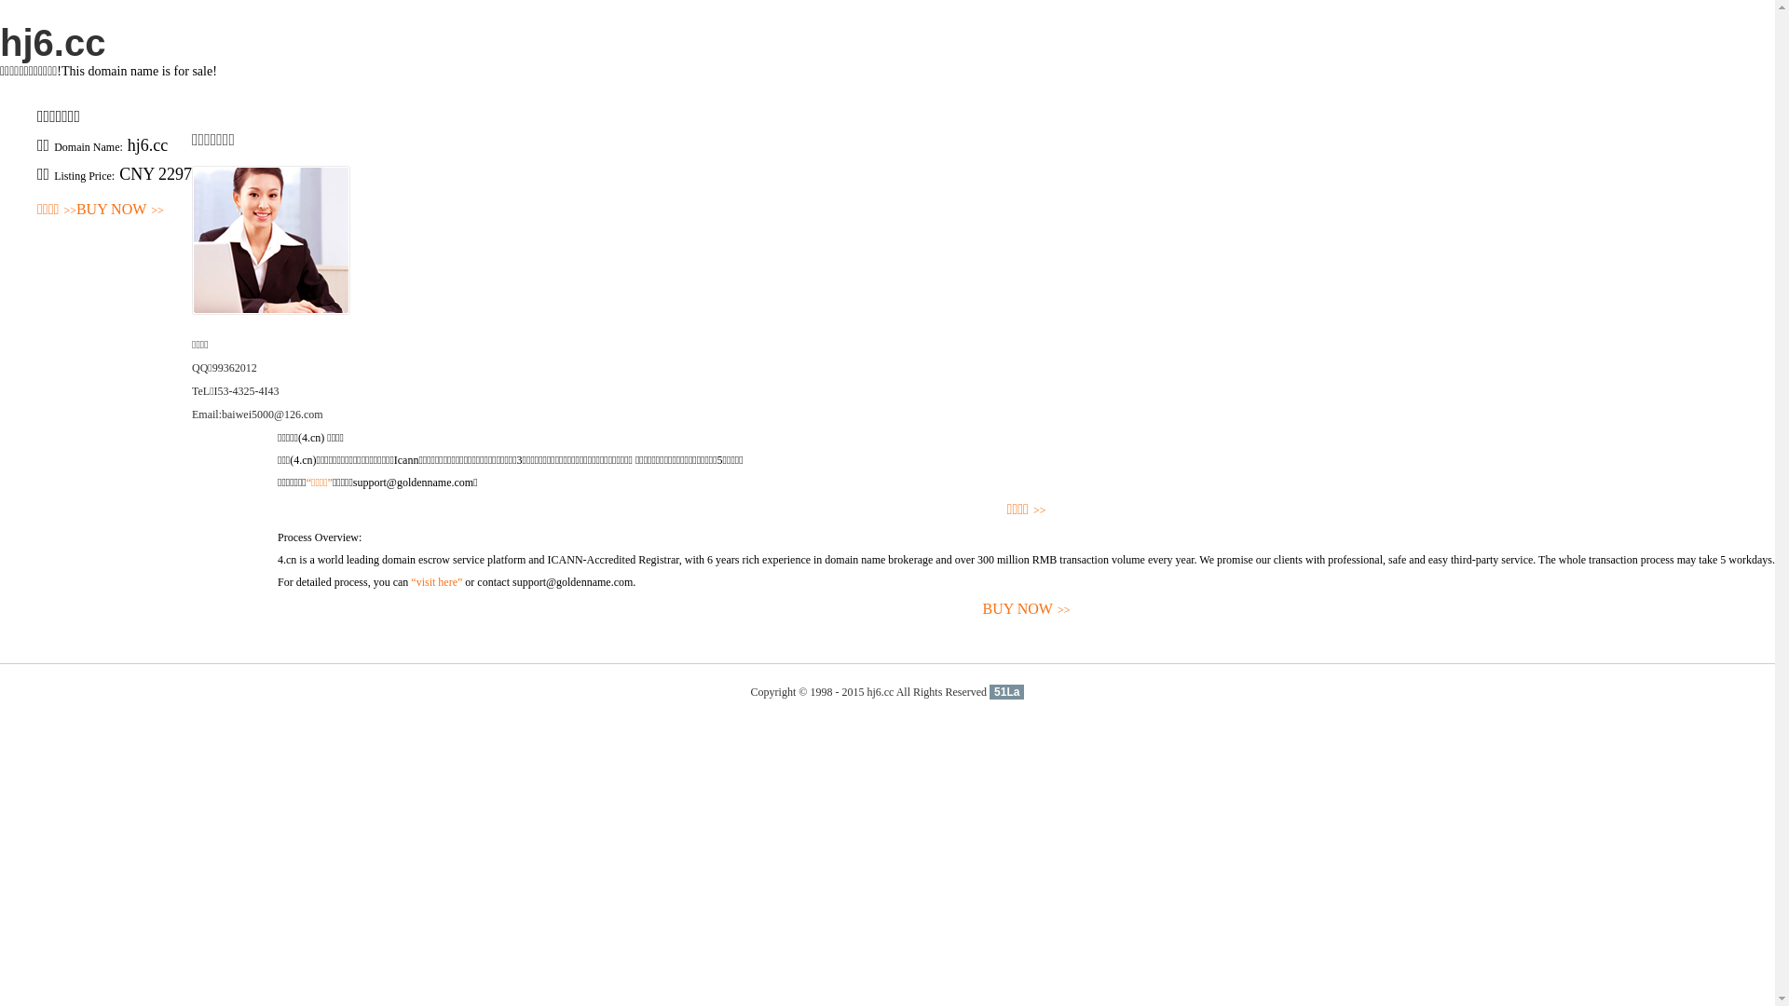 The image size is (1789, 1006). Describe the element at coordinates (75, 210) in the screenshot. I see `'BUY NOW>>'` at that location.